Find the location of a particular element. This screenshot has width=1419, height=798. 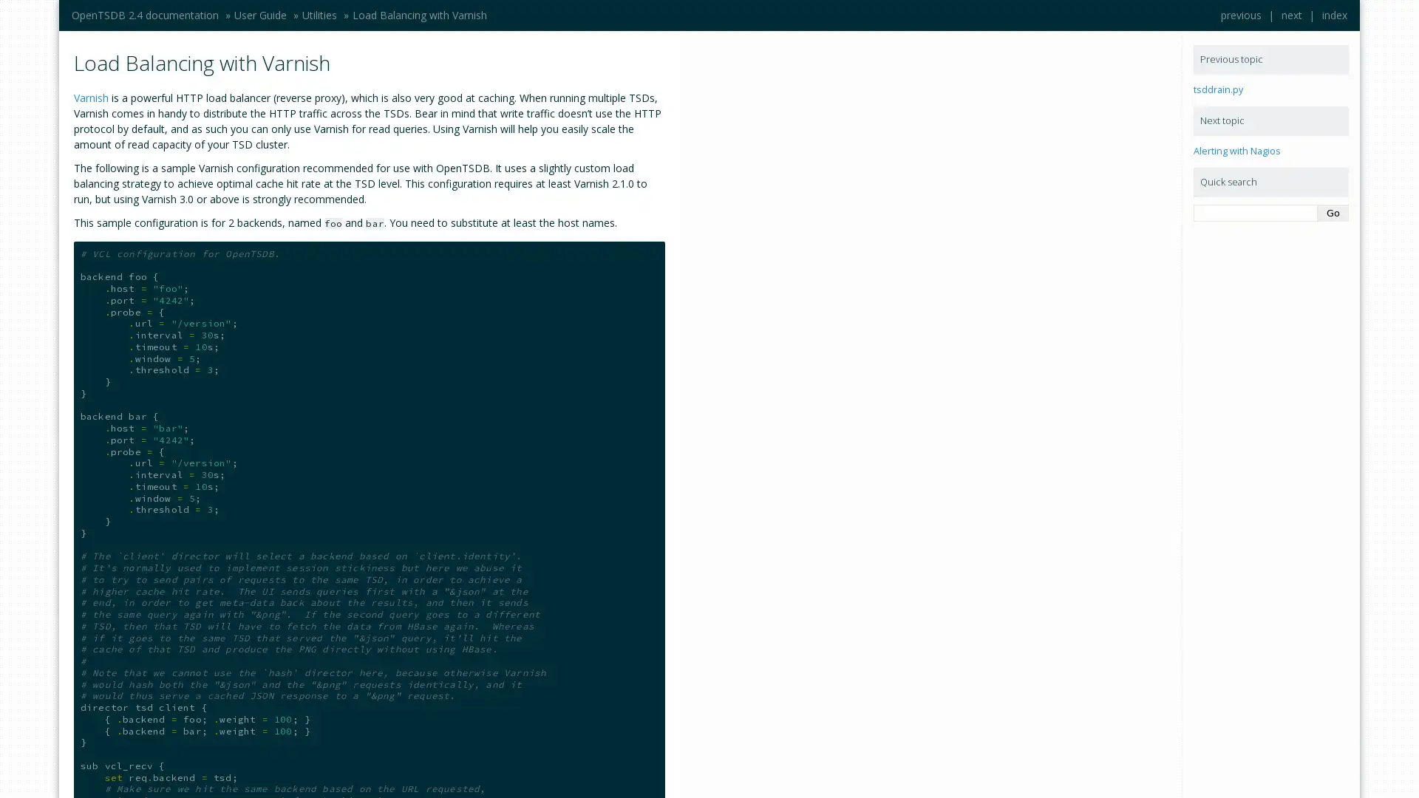

Go is located at coordinates (1333, 213).